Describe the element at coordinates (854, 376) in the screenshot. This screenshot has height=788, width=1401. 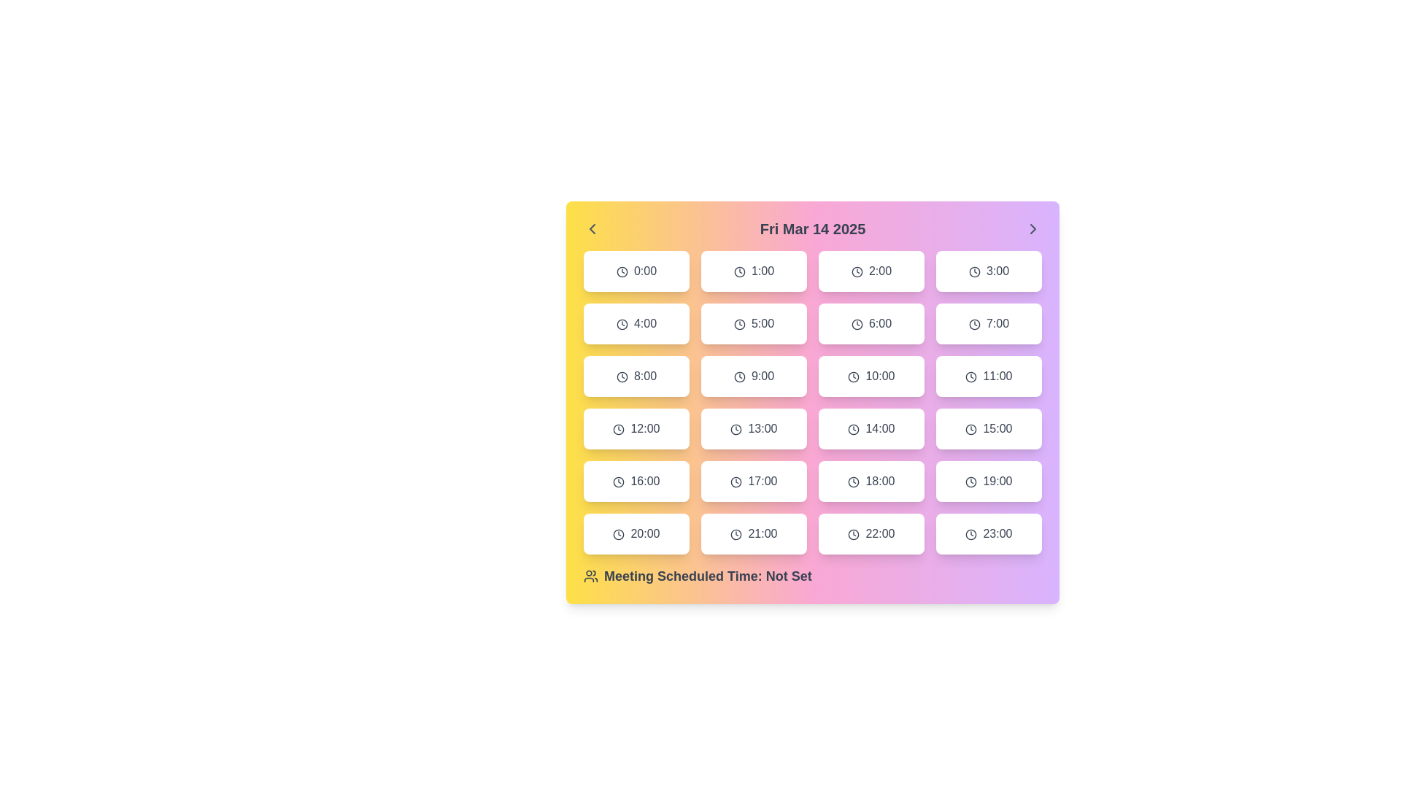
I see `the time icon located inside the button labeled '10:00' in the third row, fourth column of the grid display` at that location.